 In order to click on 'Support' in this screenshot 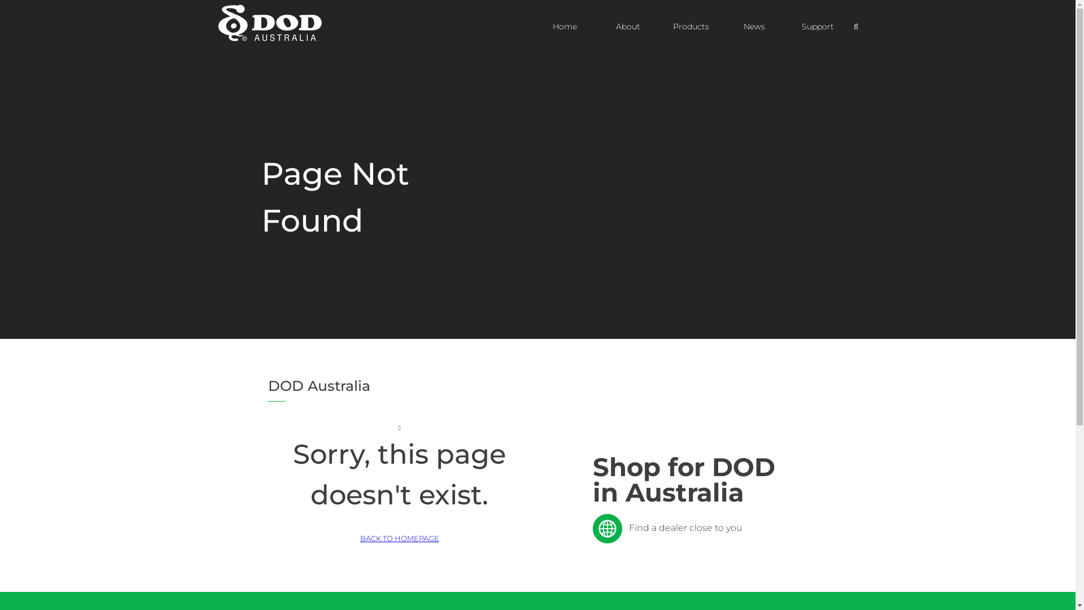, I will do `click(818, 25)`.